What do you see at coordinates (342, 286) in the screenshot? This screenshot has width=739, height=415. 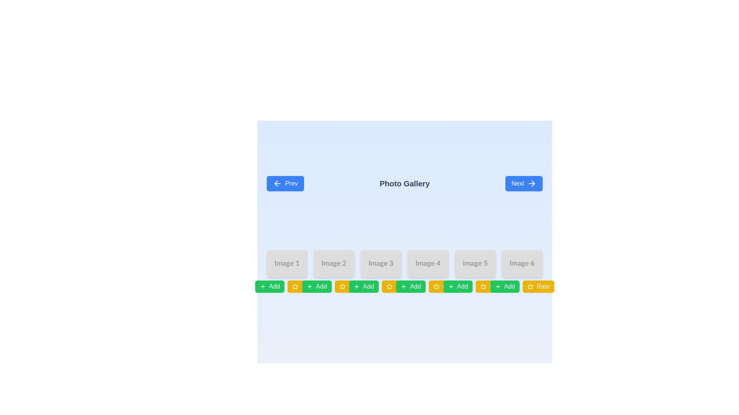 I see `the yellow star icon representing the rating feature` at bounding box center [342, 286].